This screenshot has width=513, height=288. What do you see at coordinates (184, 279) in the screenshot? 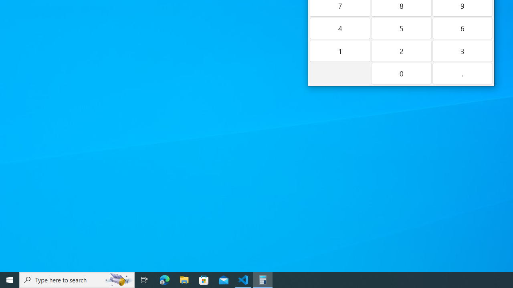
I see `'File Explorer'` at bounding box center [184, 279].